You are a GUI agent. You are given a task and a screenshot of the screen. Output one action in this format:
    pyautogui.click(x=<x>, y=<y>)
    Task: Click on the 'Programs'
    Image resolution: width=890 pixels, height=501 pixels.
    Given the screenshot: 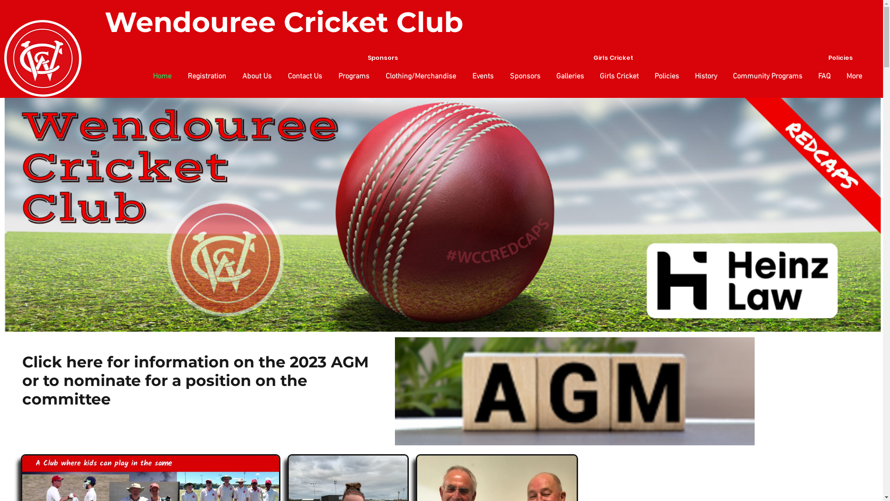 What is the action you would take?
    pyautogui.click(x=352, y=76)
    